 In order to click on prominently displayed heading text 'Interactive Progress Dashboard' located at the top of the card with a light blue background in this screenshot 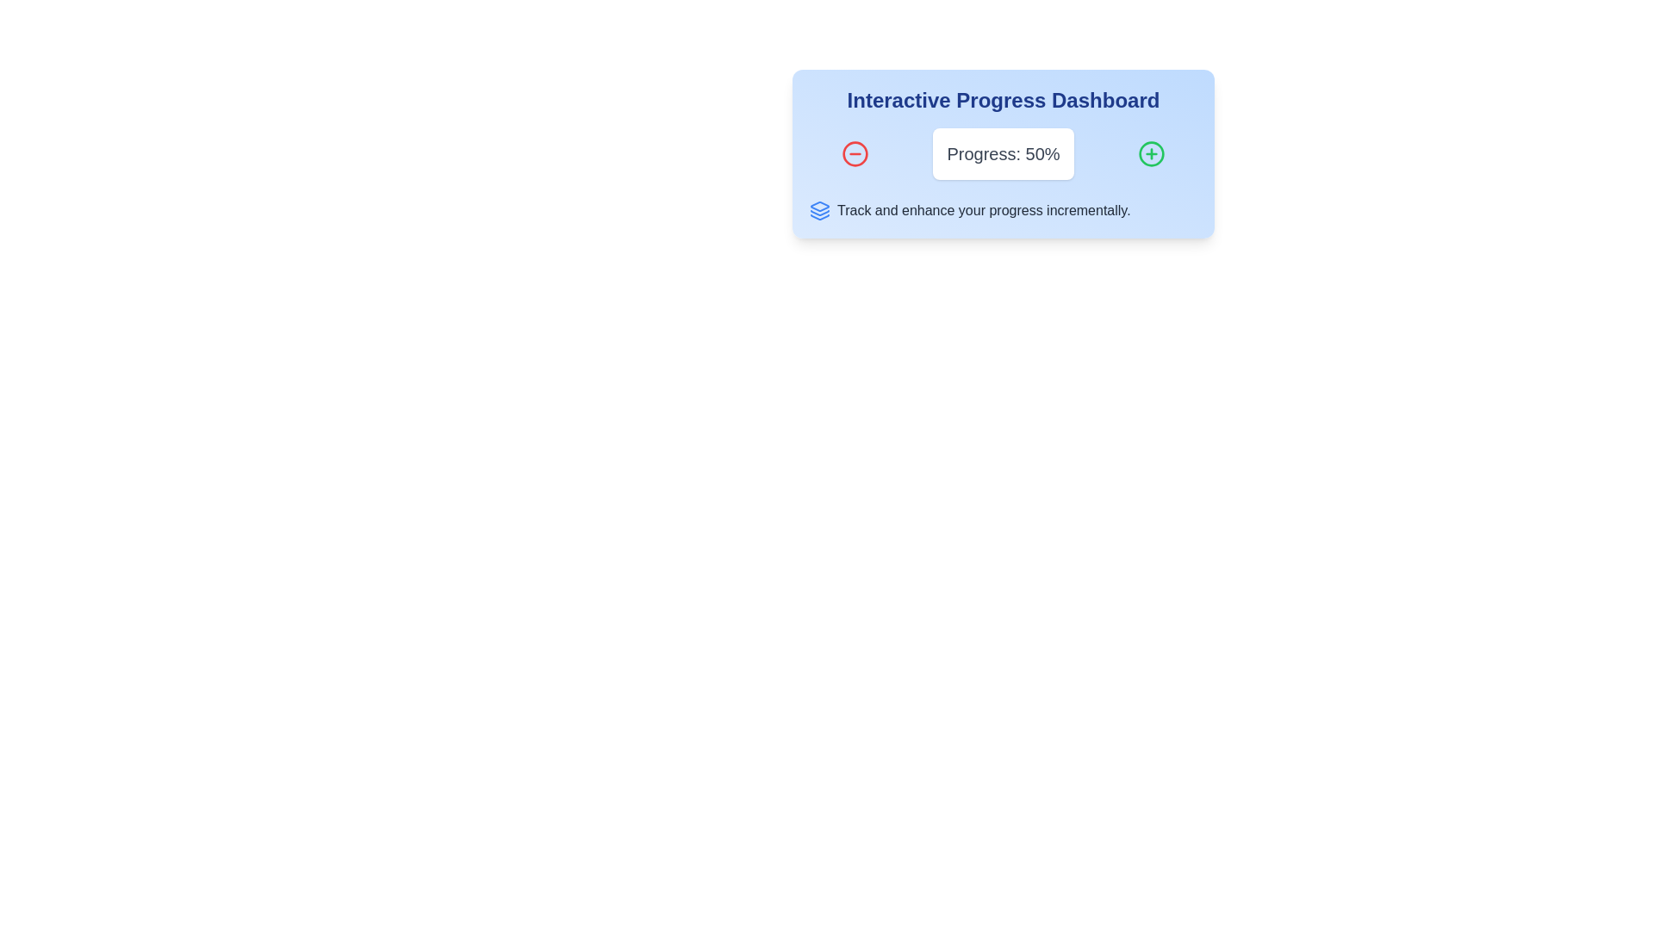, I will do `click(1004, 100)`.